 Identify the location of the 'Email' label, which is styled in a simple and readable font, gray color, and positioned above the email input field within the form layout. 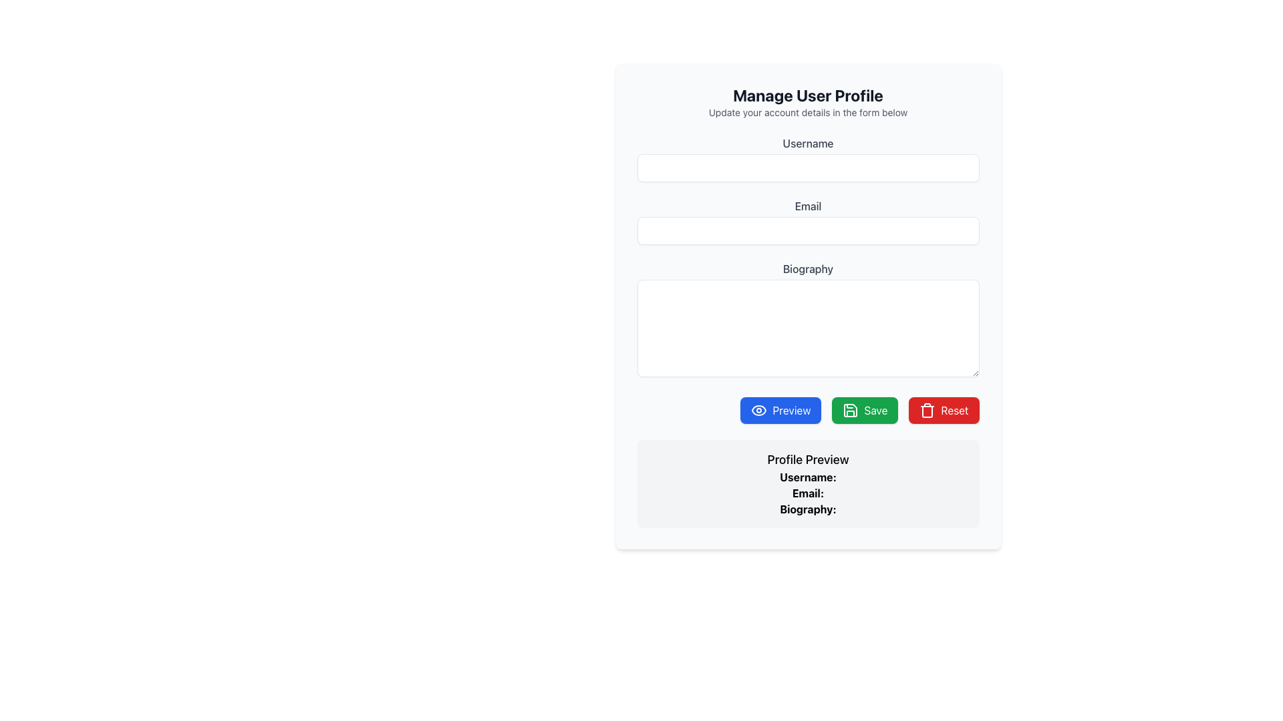
(807, 206).